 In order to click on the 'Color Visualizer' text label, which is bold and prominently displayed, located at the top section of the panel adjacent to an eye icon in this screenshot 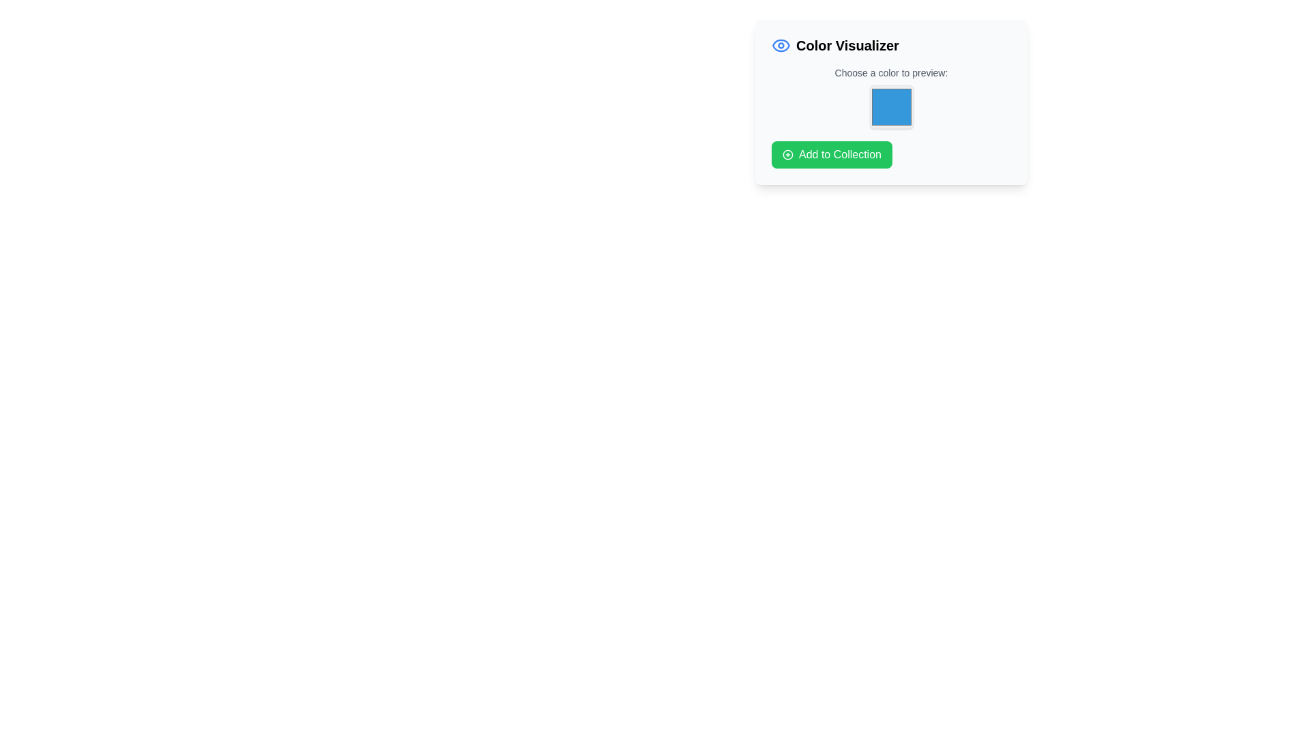, I will do `click(847, 44)`.